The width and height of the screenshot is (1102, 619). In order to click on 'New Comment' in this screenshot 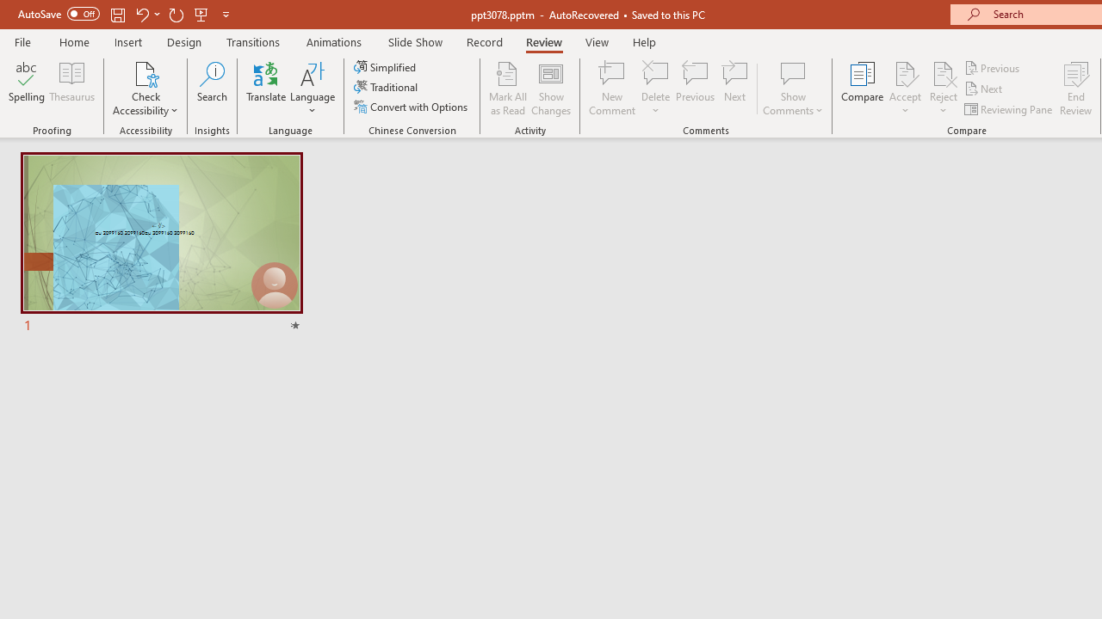, I will do `click(612, 89)`.